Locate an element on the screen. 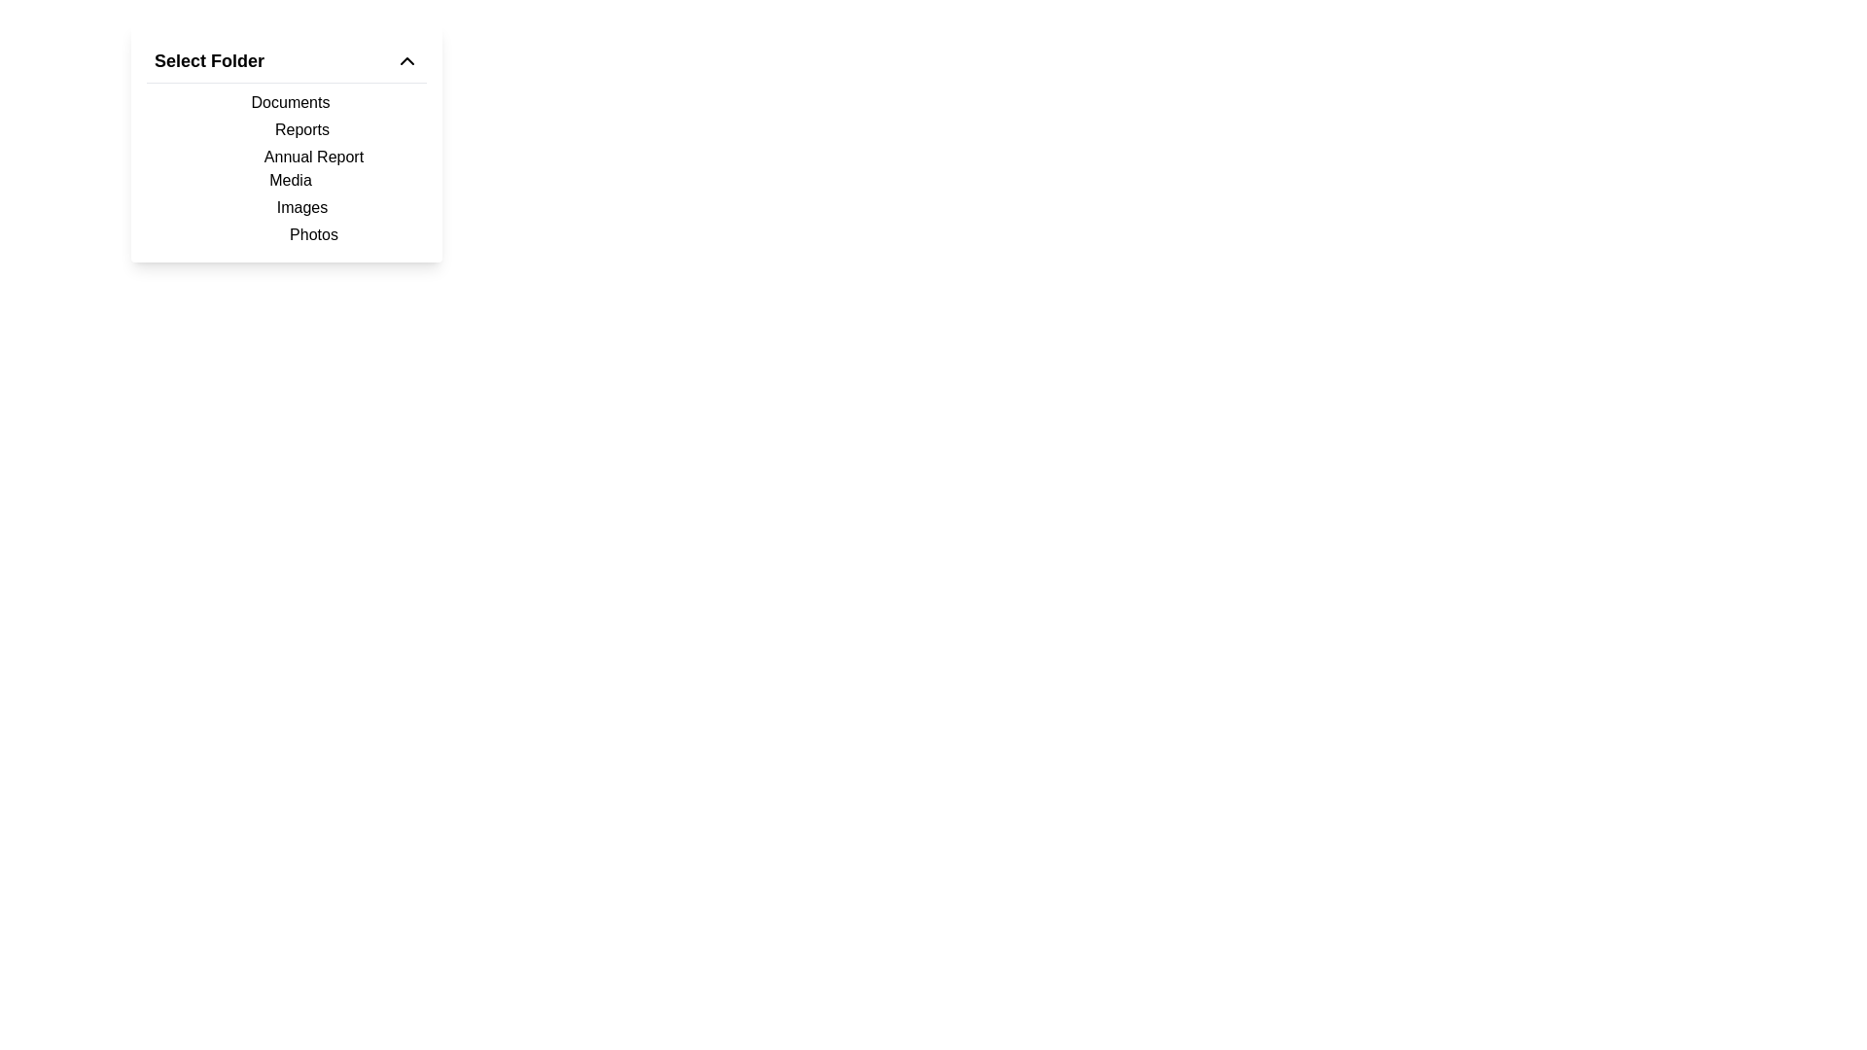 The image size is (1867, 1050). the 'Media' category item in the dropdown menu under 'Select Folder', which is the fourth item in the list, to trigger a visual response is located at coordinates (289, 180).